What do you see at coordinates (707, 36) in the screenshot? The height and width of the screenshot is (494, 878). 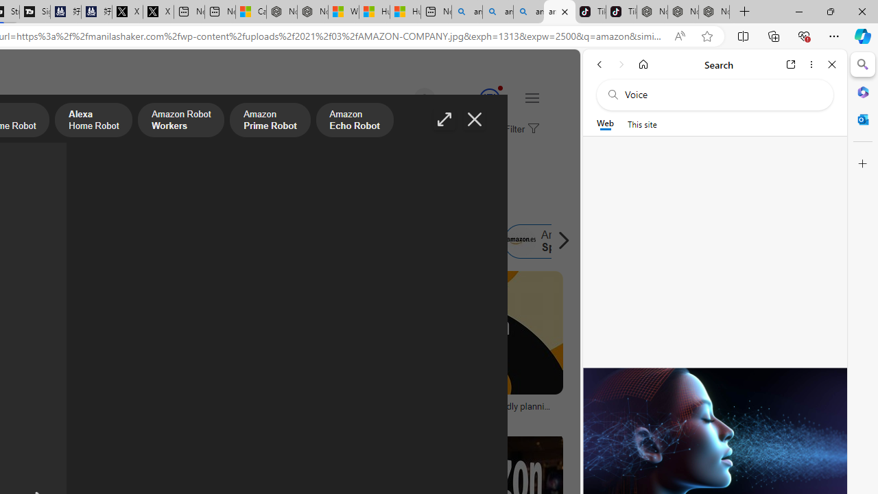 I see `'Add this page to favorites (Ctrl+D)'` at bounding box center [707, 36].